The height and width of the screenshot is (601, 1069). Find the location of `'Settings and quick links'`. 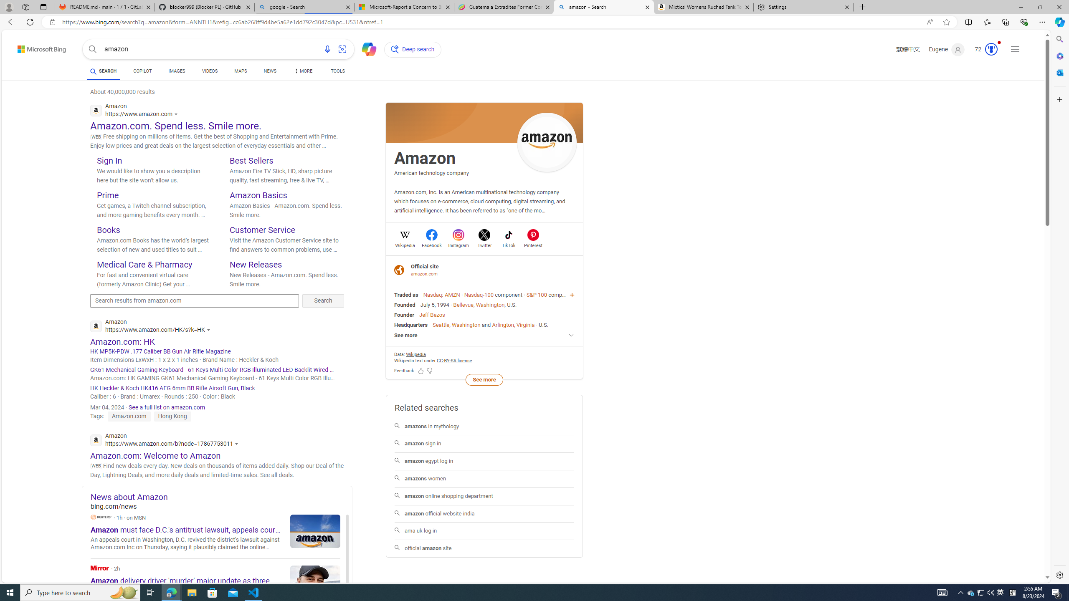

'Settings and quick links' is located at coordinates (1015, 49).